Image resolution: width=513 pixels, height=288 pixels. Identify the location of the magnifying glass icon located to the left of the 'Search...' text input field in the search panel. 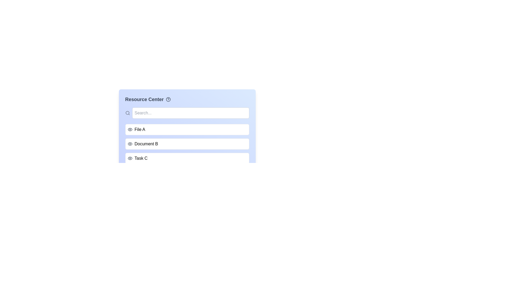
(127, 113).